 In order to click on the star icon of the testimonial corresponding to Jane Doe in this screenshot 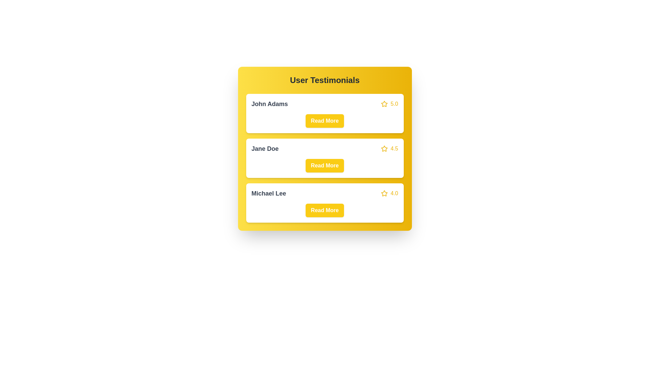, I will do `click(384, 148)`.